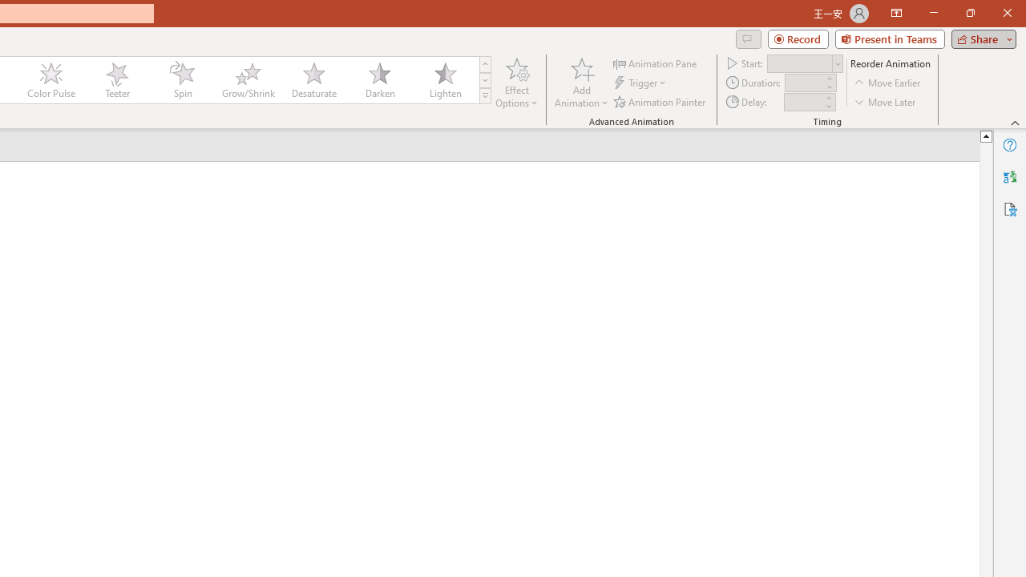 This screenshot has height=577, width=1026. I want to click on 'Animation Delay', so click(803, 102).